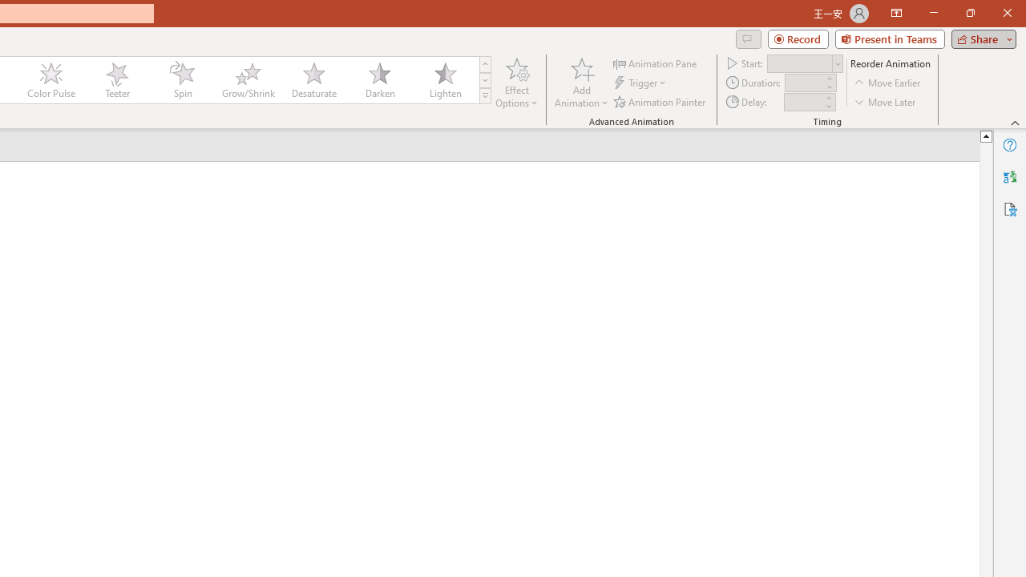 This screenshot has height=577, width=1026. I want to click on 'Animation Delay', so click(803, 102).